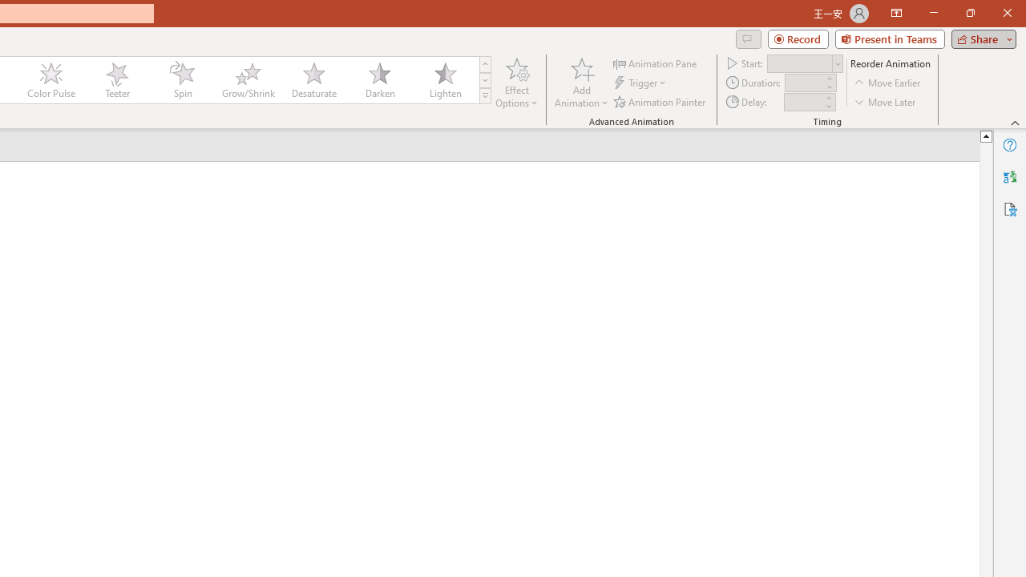 This screenshot has height=577, width=1026. I want to click on 'Animation Delay', so click(803, 102).